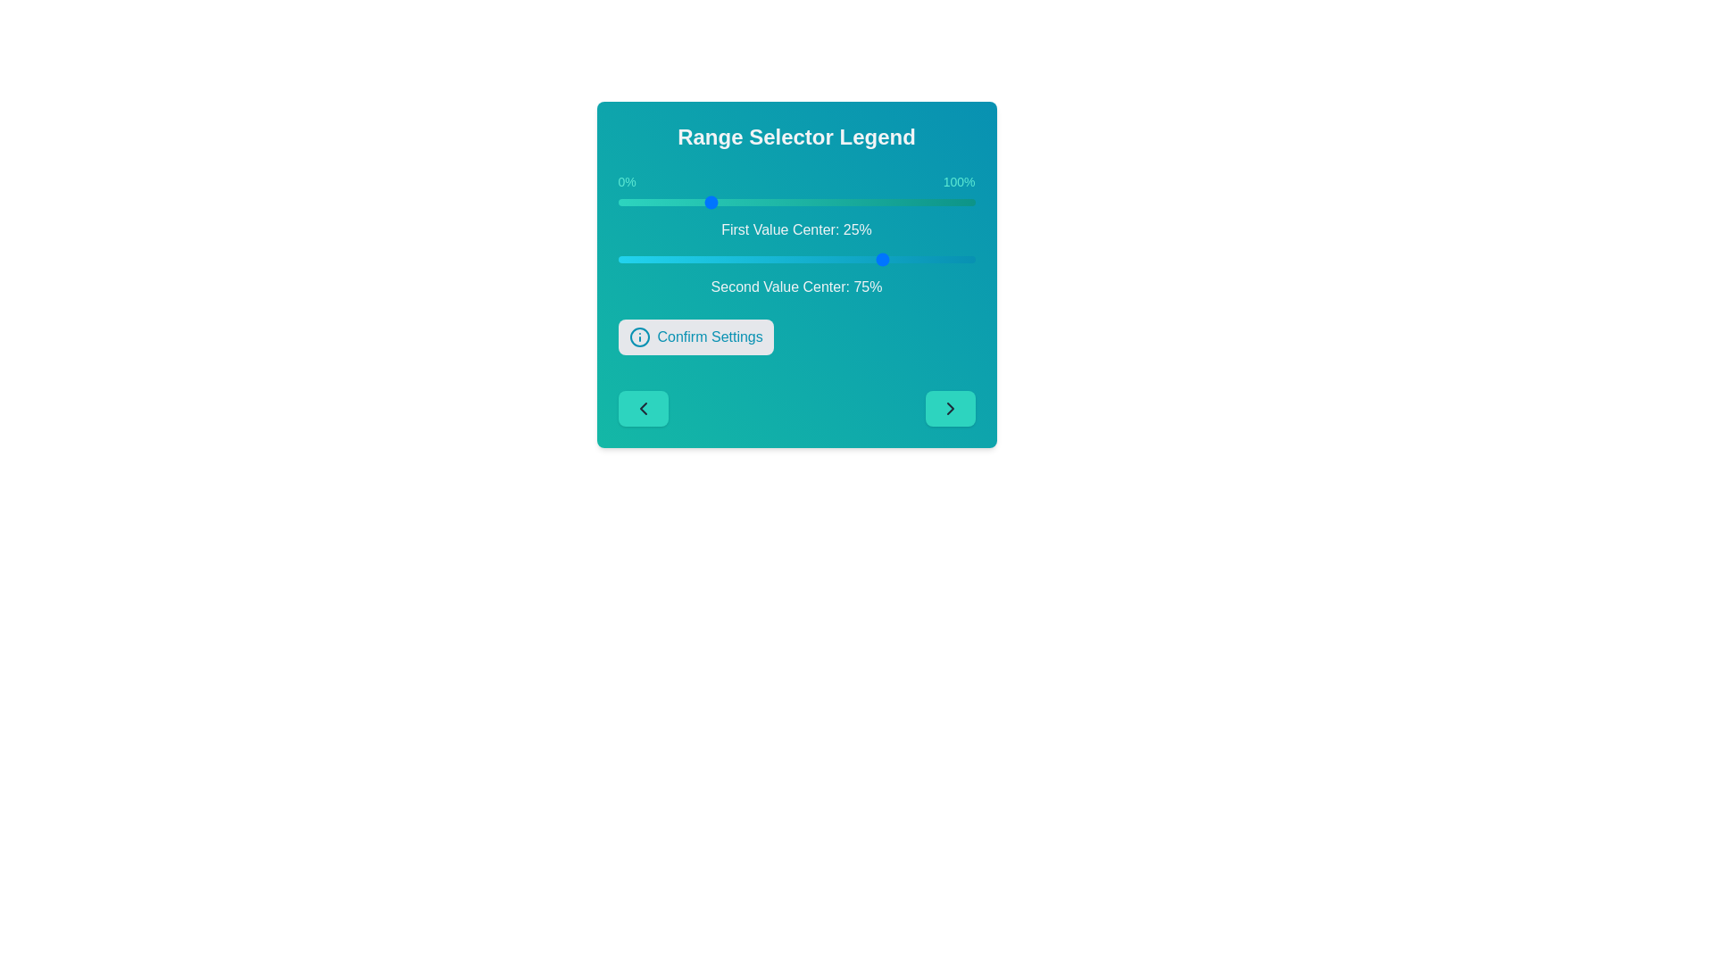  Describe the element at coordinates (753, 259) in the screenshot. I see `the slider value` at that location.